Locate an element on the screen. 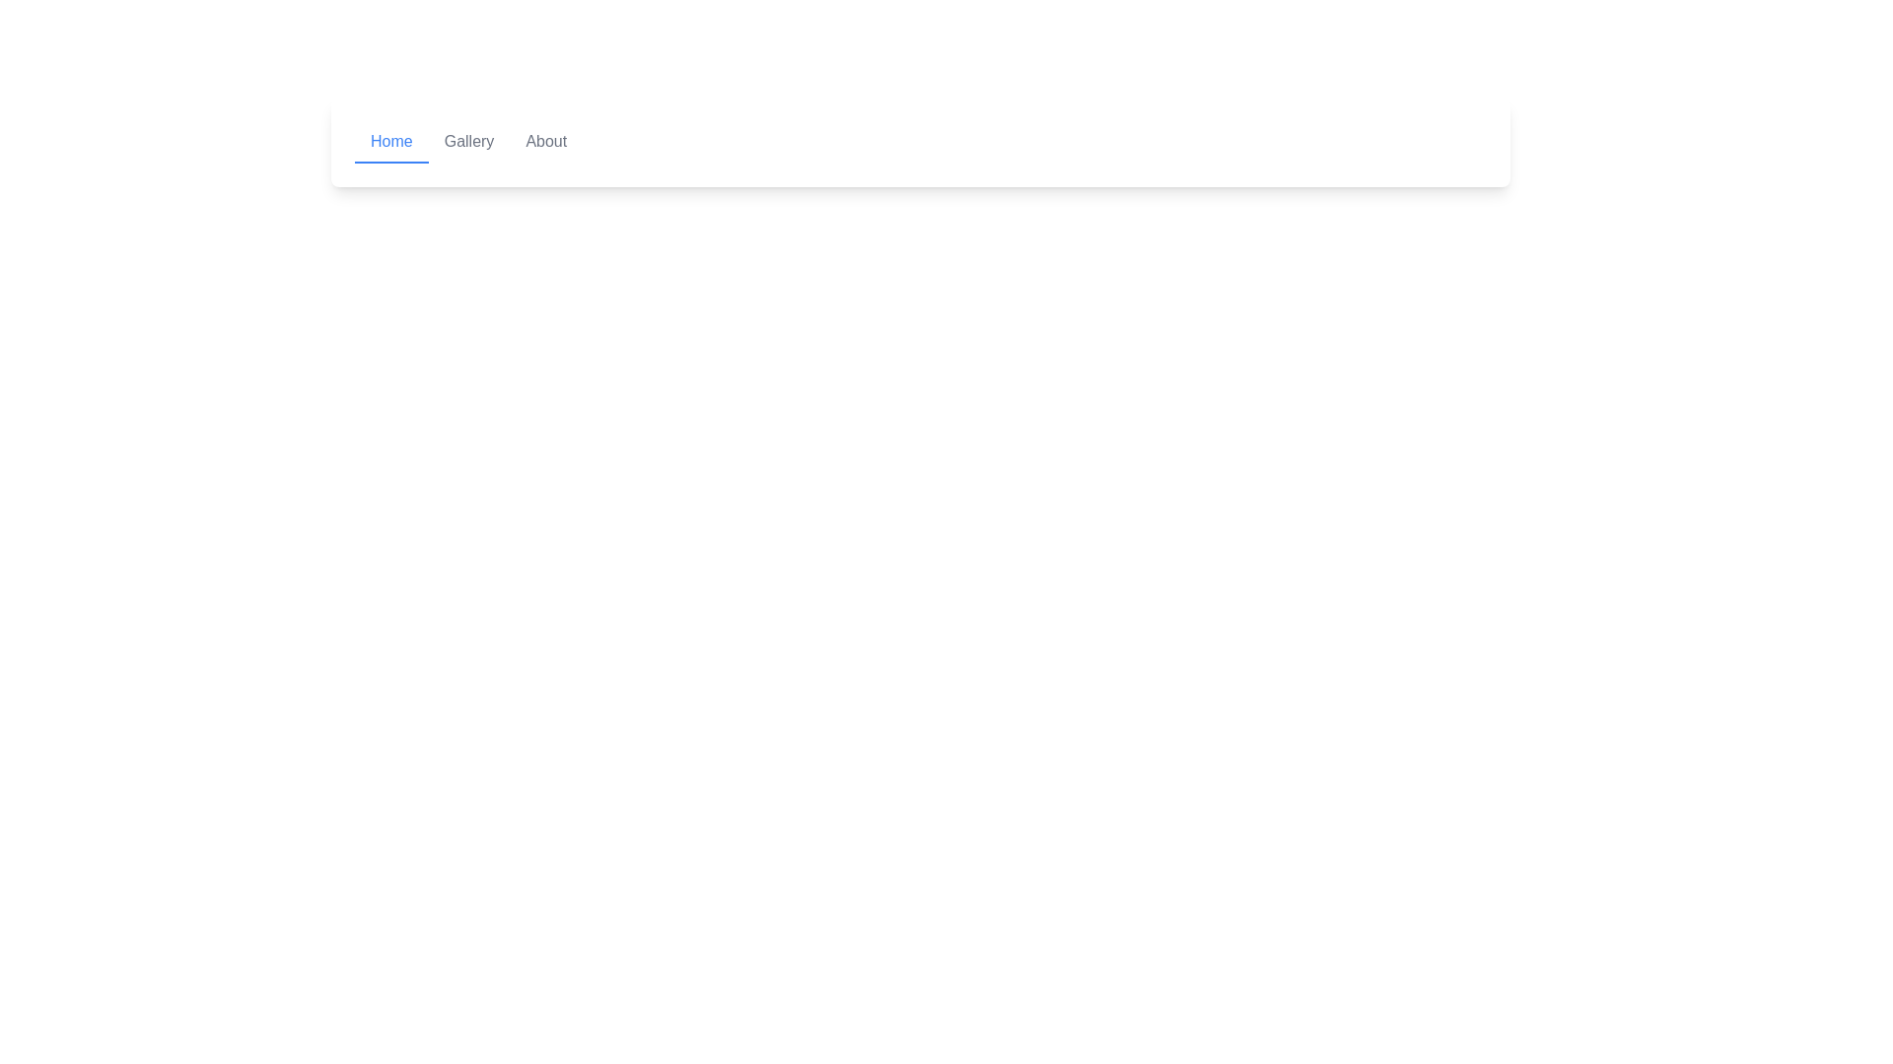 This screenshot has width=1893, height=1064. the 'Gallery' text link in the navigation bar is located at coordinates (467, 142).